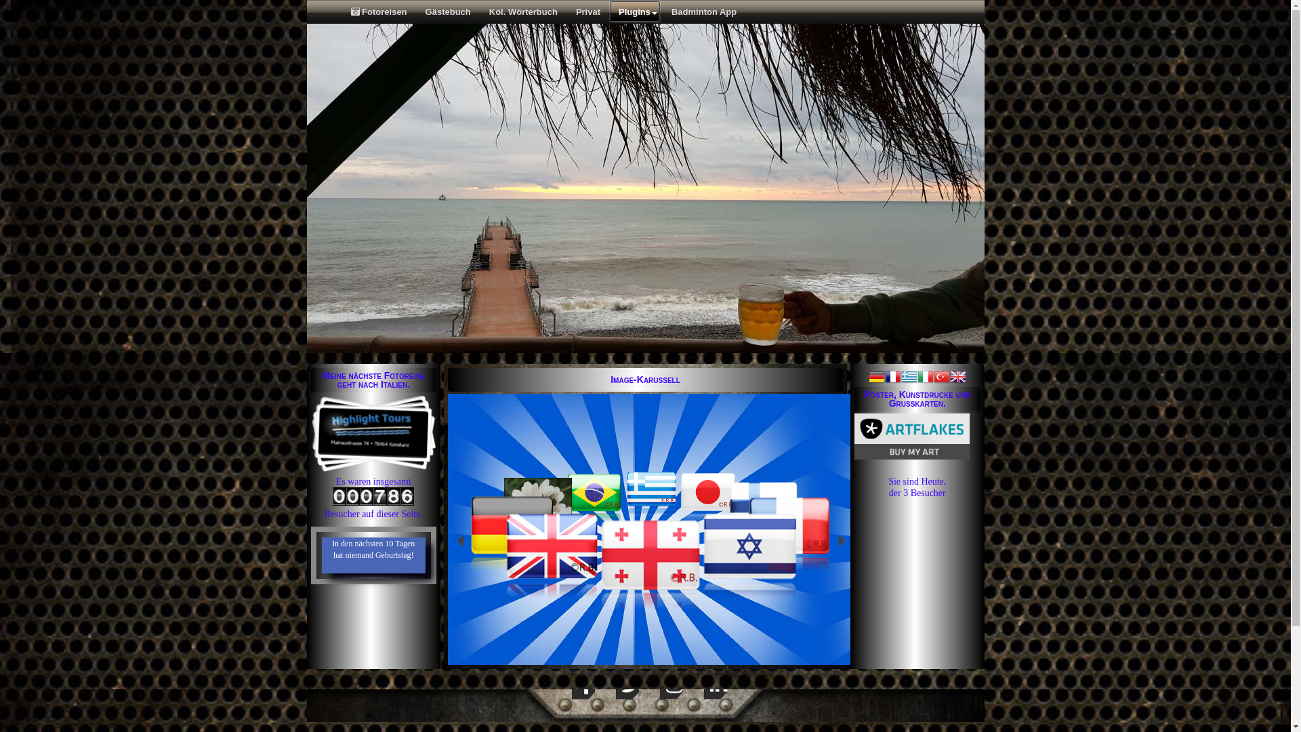  I want to click on 'Plugins', so click(634, 12).